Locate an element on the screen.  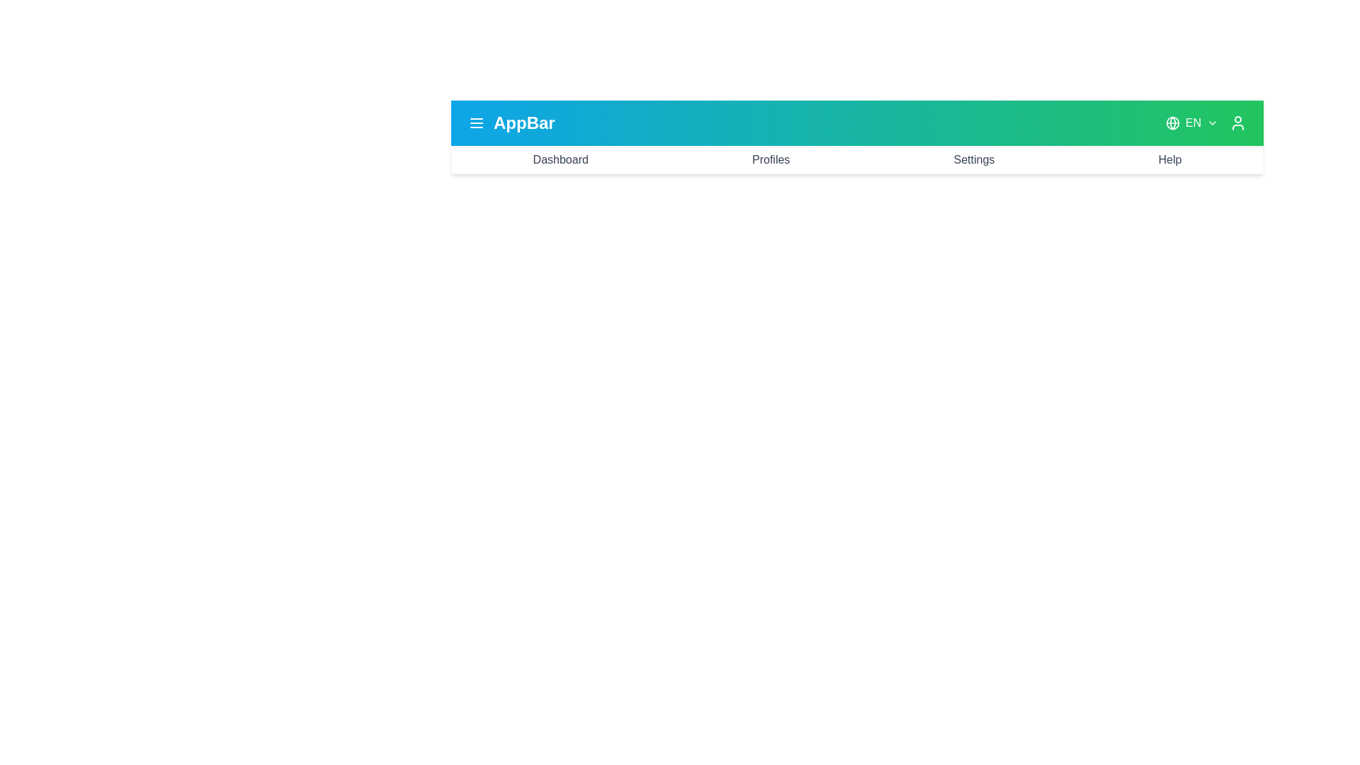
the menu item Profiles to navigate to the corresponding section is located at coordinates (770, 159).